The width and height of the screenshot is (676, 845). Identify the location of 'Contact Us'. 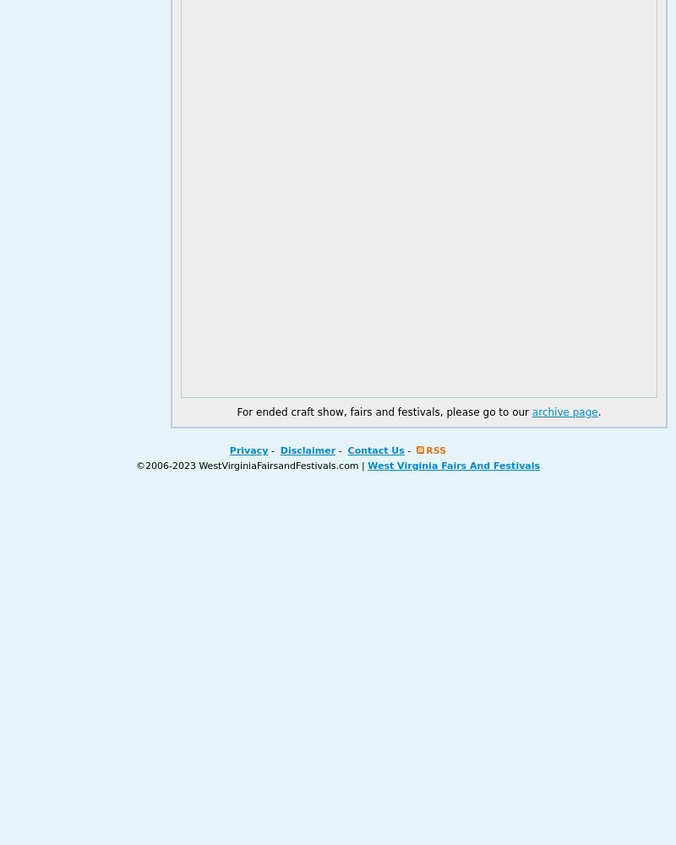
(374, 450).